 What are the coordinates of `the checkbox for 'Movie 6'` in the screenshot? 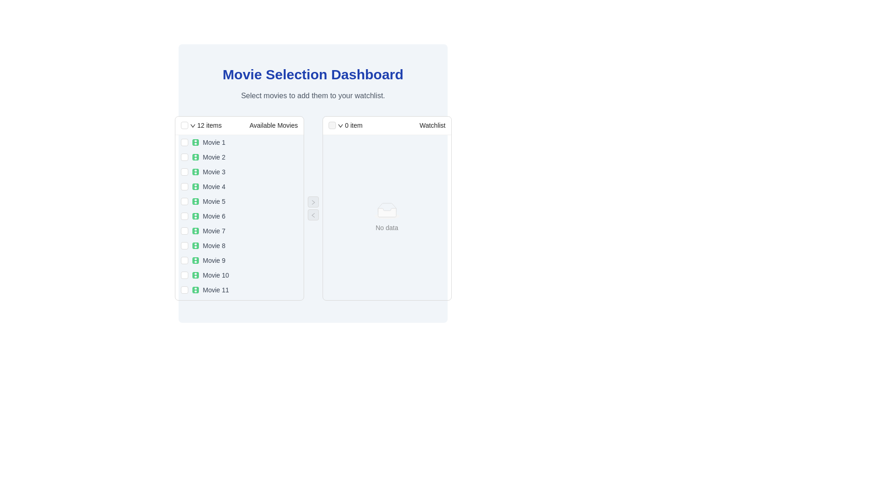 It's located at (184, 216).